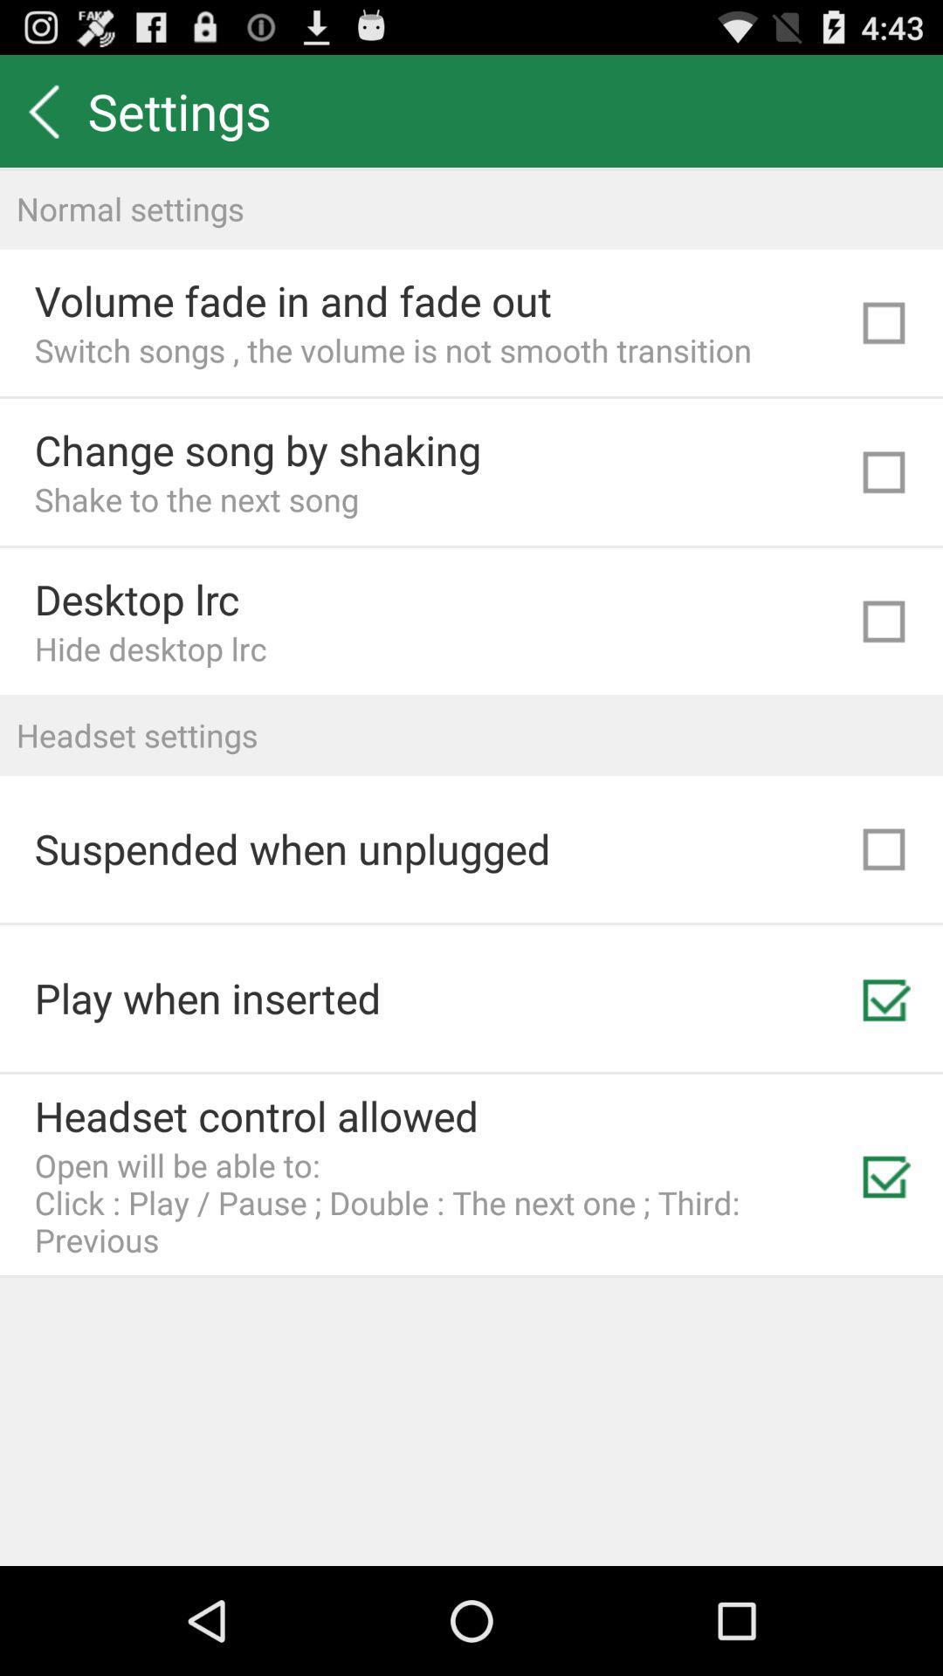 This screenshot has width=943, height=1676. I want to click on switch songs the item, so click(393, 349).